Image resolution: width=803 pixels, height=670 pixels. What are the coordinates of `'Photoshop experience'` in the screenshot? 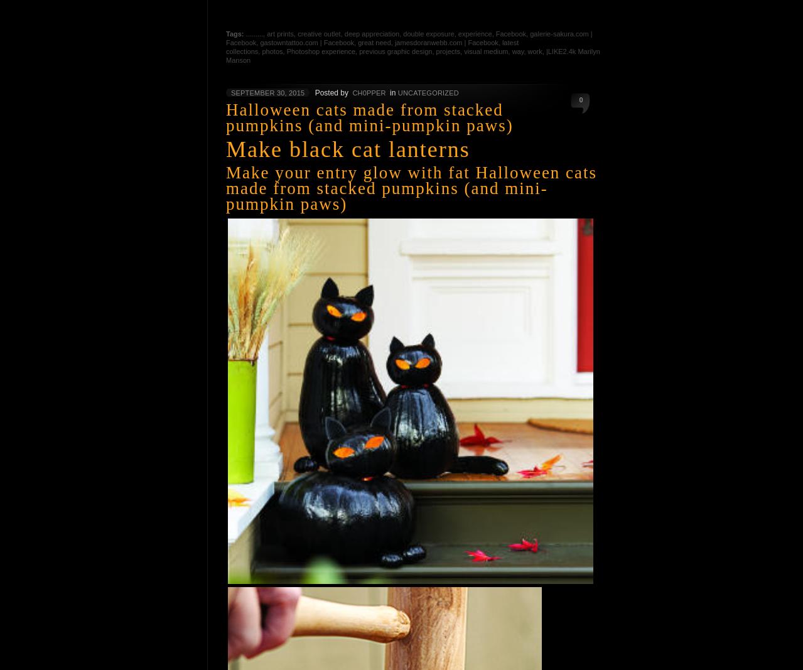 It's located at (320, 51).